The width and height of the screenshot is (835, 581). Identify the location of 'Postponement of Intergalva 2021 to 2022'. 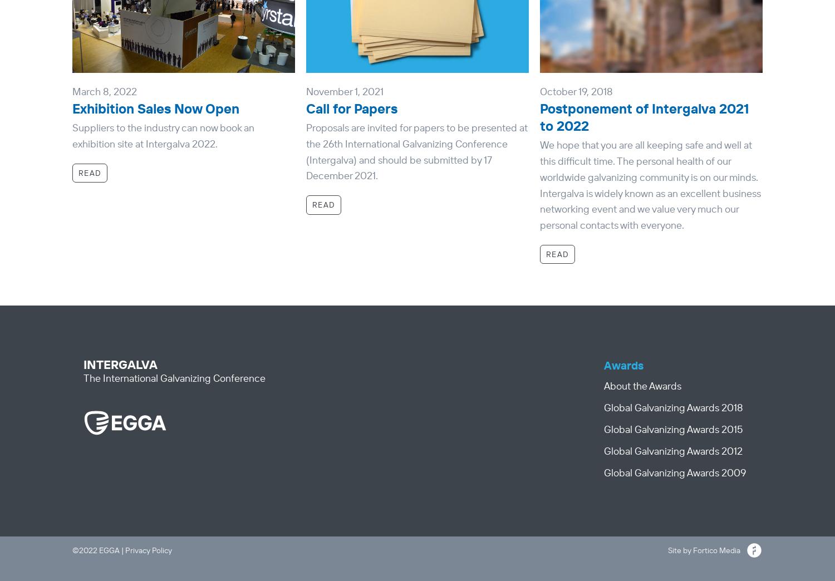
(644, 116).